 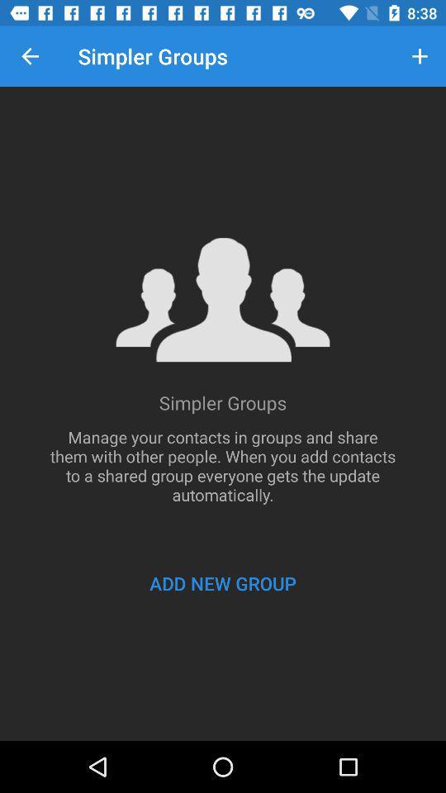 What do you see at coordinates (420, 56) in the screenshot?
I see `icon at the top right corner` at bounding box center [420, 56].